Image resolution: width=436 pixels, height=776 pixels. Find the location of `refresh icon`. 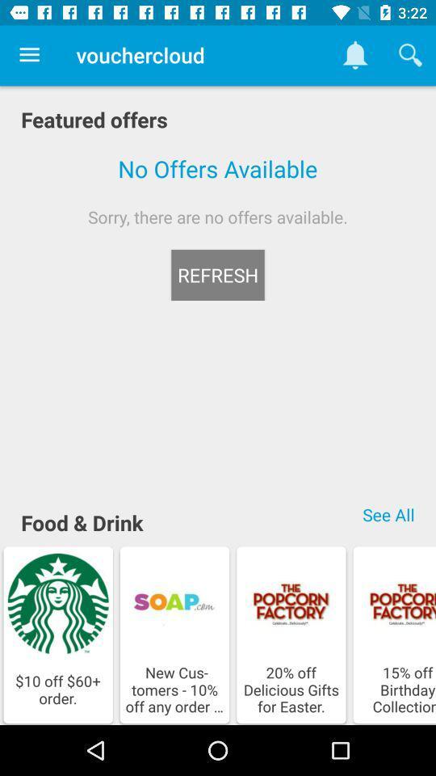

refresh icon is located at coordinates (218, 275).